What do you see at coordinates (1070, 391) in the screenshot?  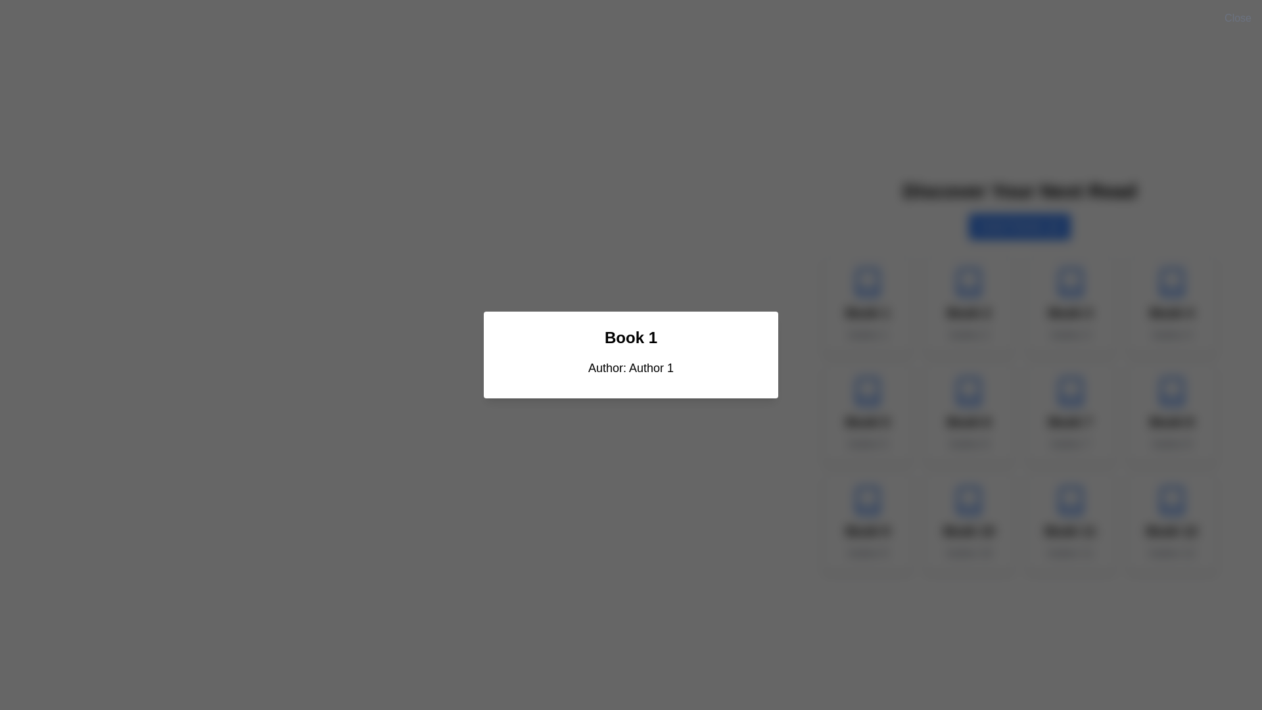 I see `the book icon representing 'Book 7' by 'Author 7', which is located at the top of the card above the title text` at bounding box center [1070, 391].